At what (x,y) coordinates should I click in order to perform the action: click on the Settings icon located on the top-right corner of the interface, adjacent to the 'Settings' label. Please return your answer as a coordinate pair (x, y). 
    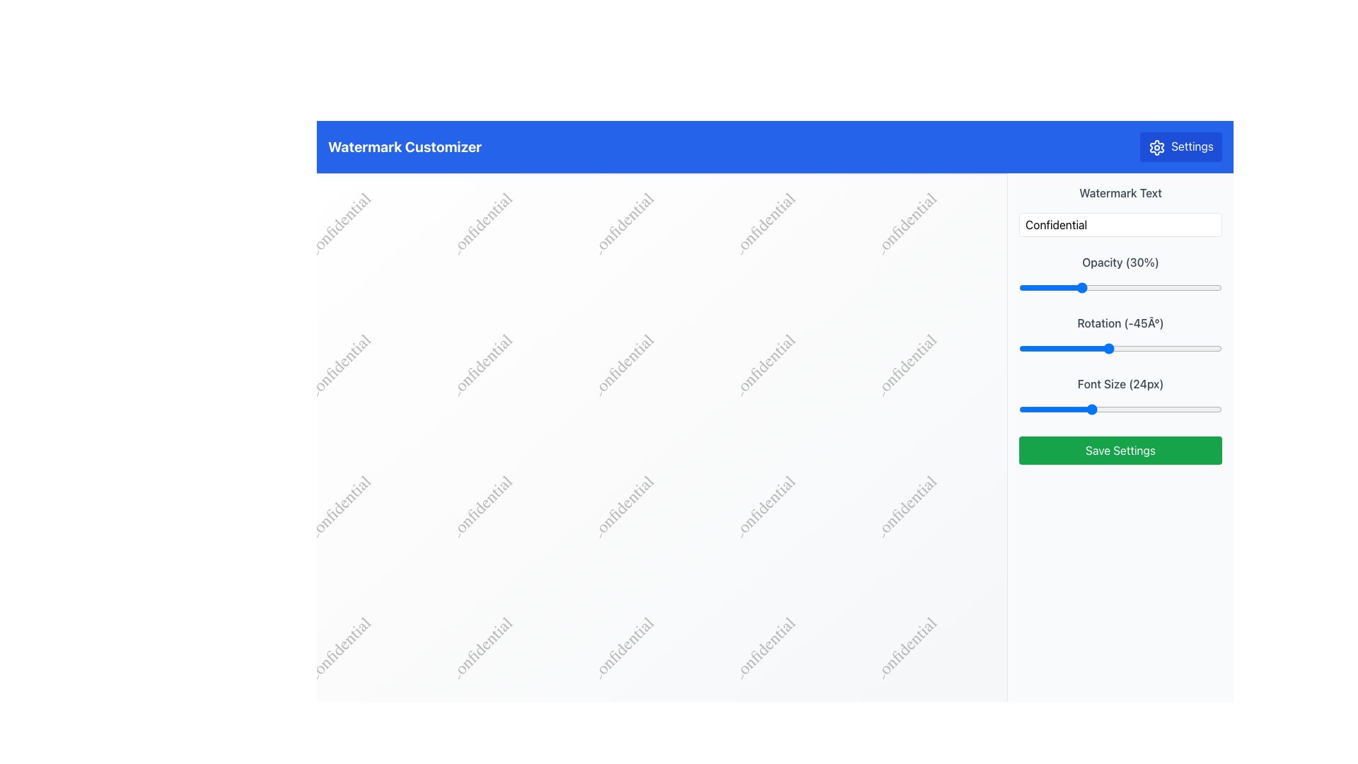
    Looking at the image, I should click on (1157, 147).